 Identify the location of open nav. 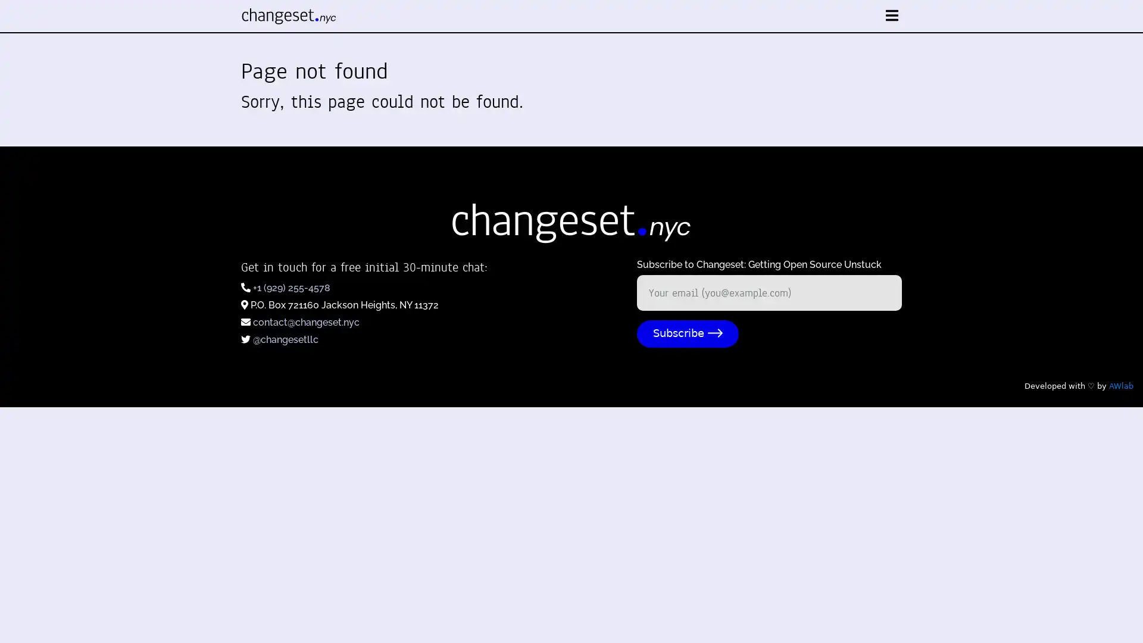
(892, 16).